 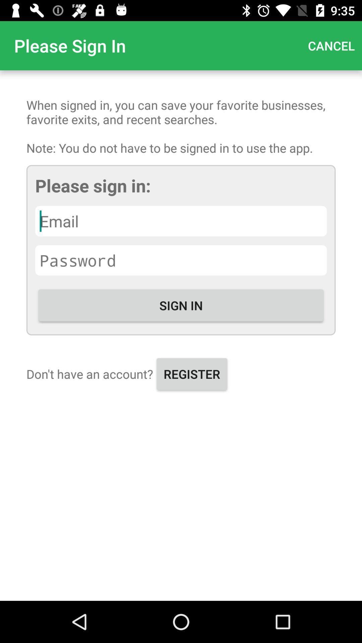 What do you see at coordinates (331, 45) in the screenshot?
I see `the item above the when signed in item` at bounding box center [331, 45].